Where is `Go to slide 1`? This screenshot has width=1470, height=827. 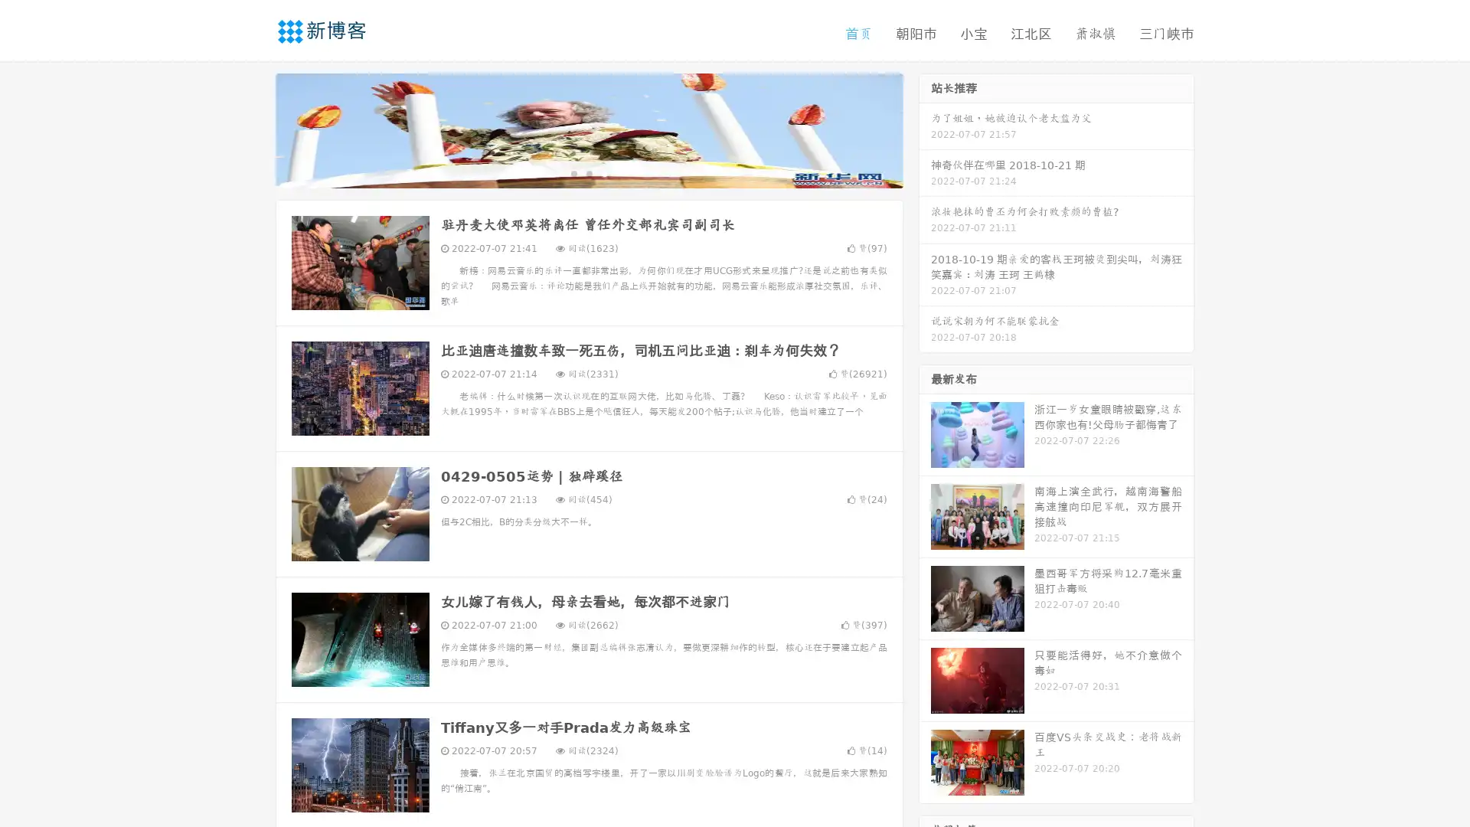 Go to slide 1 is located at coordinates (573, 172).